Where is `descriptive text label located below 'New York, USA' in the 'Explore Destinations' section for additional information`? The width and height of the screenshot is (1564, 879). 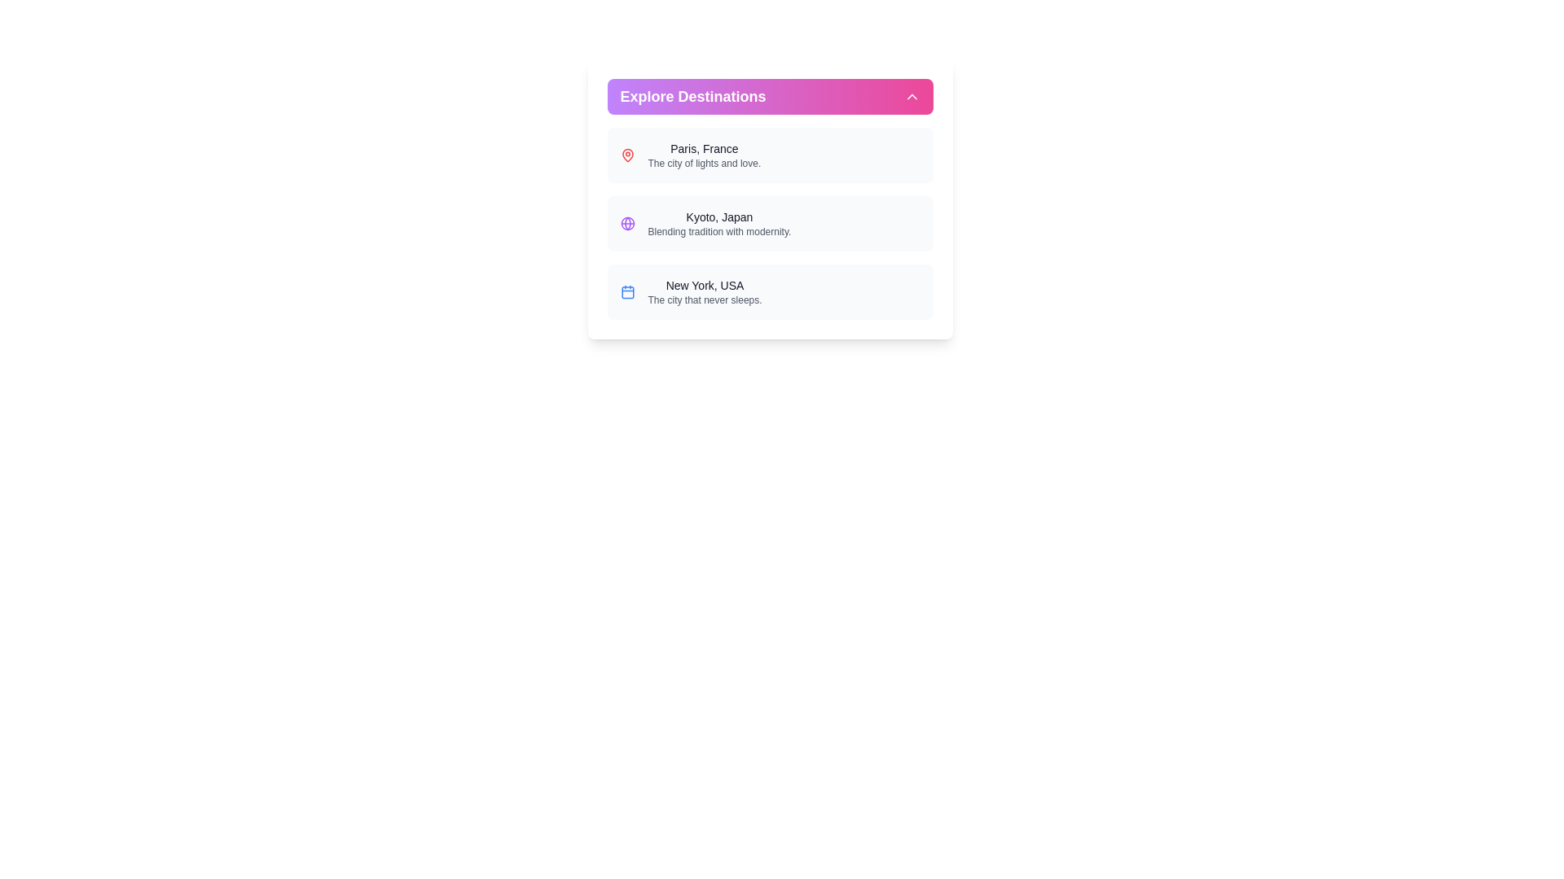 descriptive text label located below 'New York, USA' in the 'Explore Destinations' section for additional information is located at coordinates (705, 300).